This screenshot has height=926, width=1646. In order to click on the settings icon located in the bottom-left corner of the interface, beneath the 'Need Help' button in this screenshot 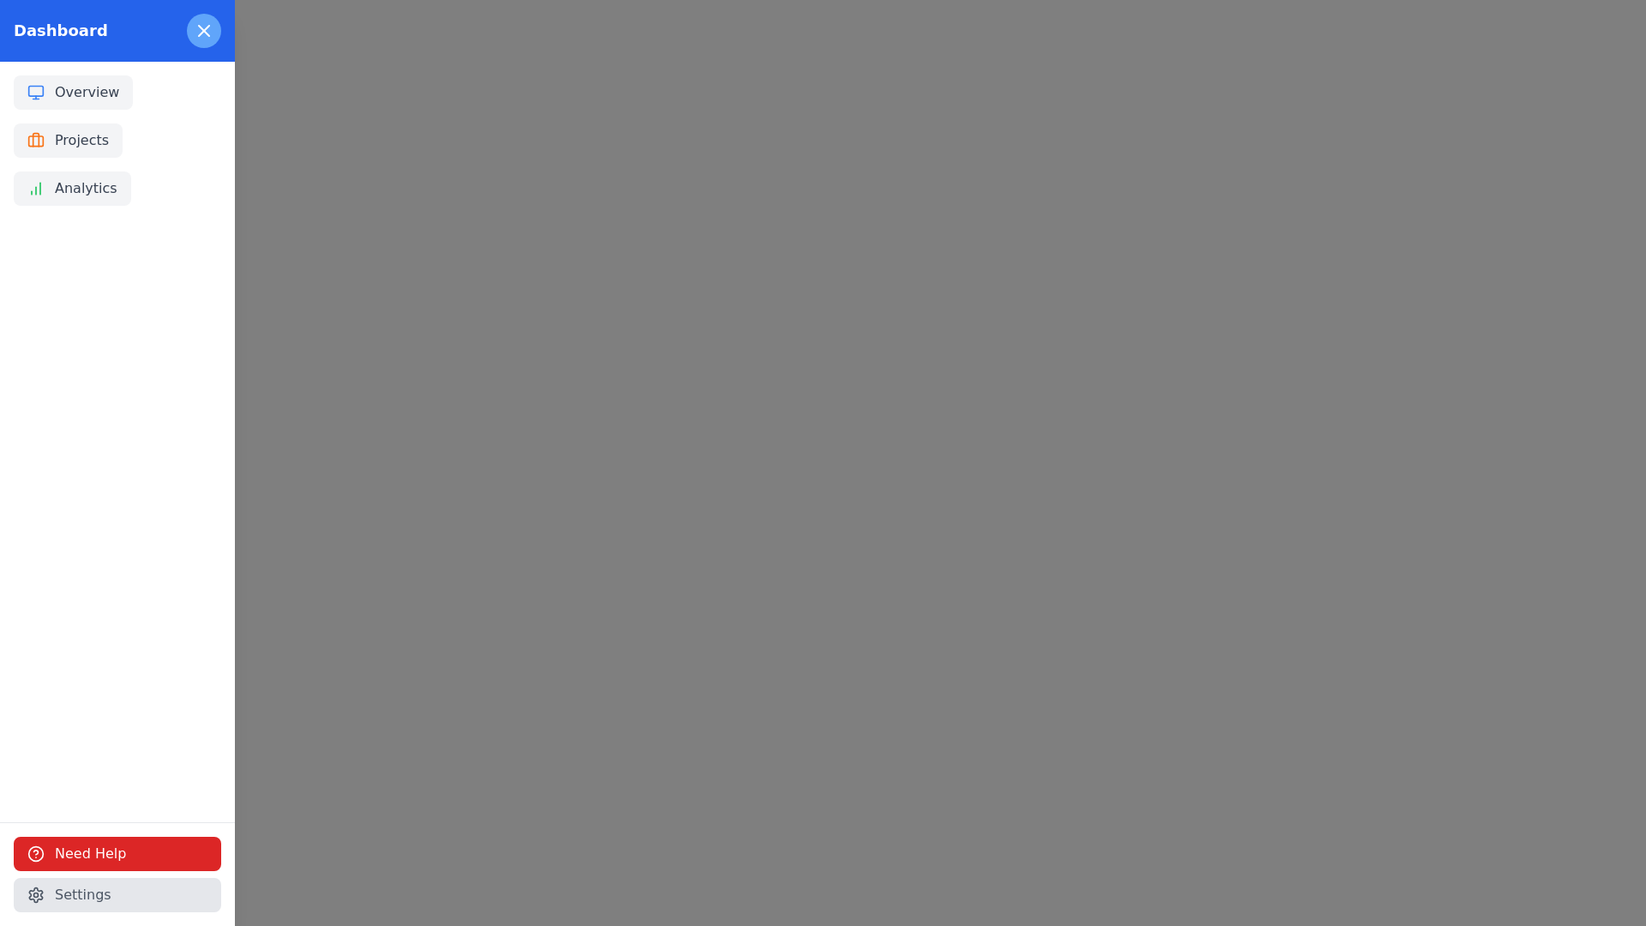, I will do `click(36, 894)`.